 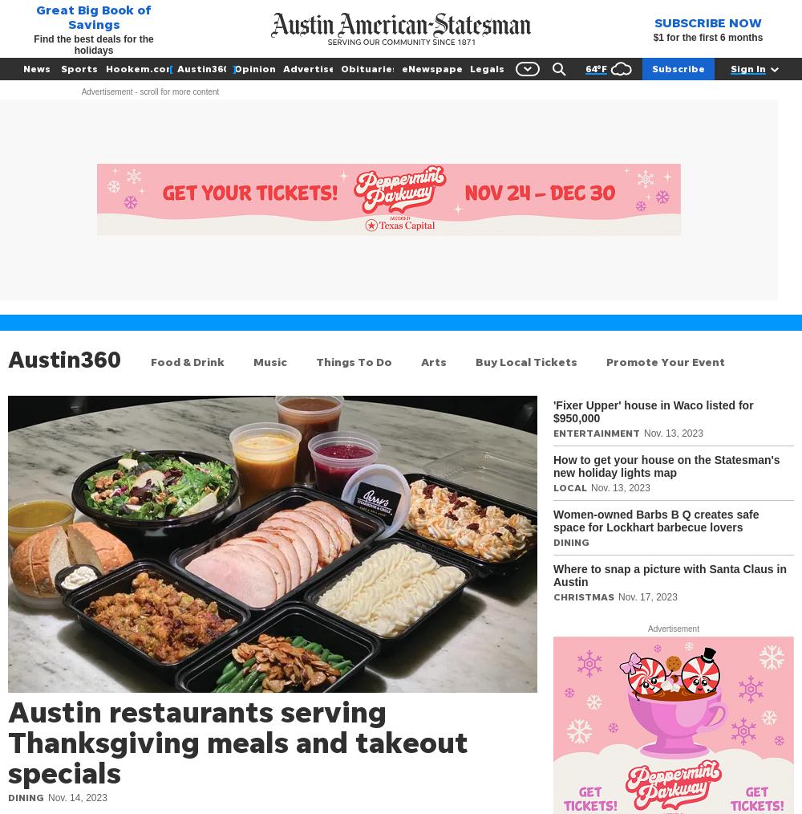 I want to click on 'Things To Do', so click(x=316, y=361).